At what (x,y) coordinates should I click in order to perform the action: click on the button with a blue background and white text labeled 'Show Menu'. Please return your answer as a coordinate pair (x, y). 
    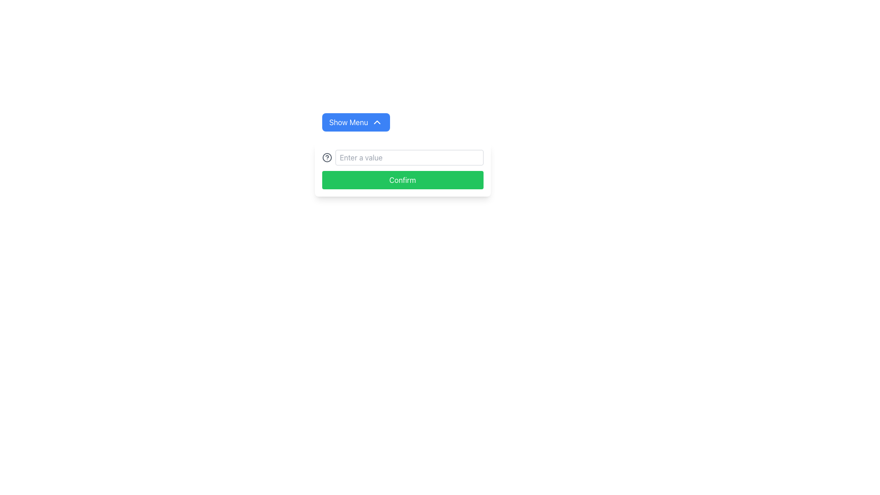
    Looking at the image, I should click on (355, 121).